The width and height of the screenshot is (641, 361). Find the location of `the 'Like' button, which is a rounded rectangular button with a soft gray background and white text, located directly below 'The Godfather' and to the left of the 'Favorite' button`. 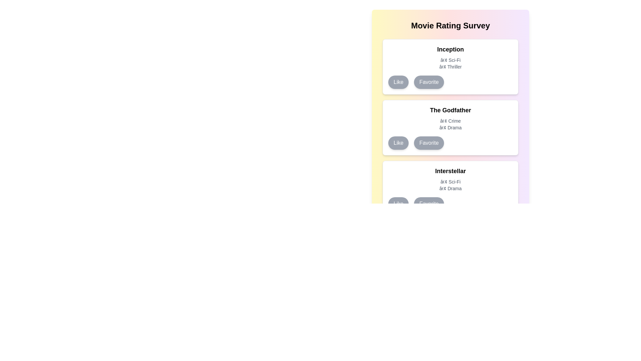

the 'Like' button, which is a rounded rectangular button with a soft gray background and white text, located directly below 'The Godfather' and to the left of the 'Favorite' button is located at coordinates (398, 143).